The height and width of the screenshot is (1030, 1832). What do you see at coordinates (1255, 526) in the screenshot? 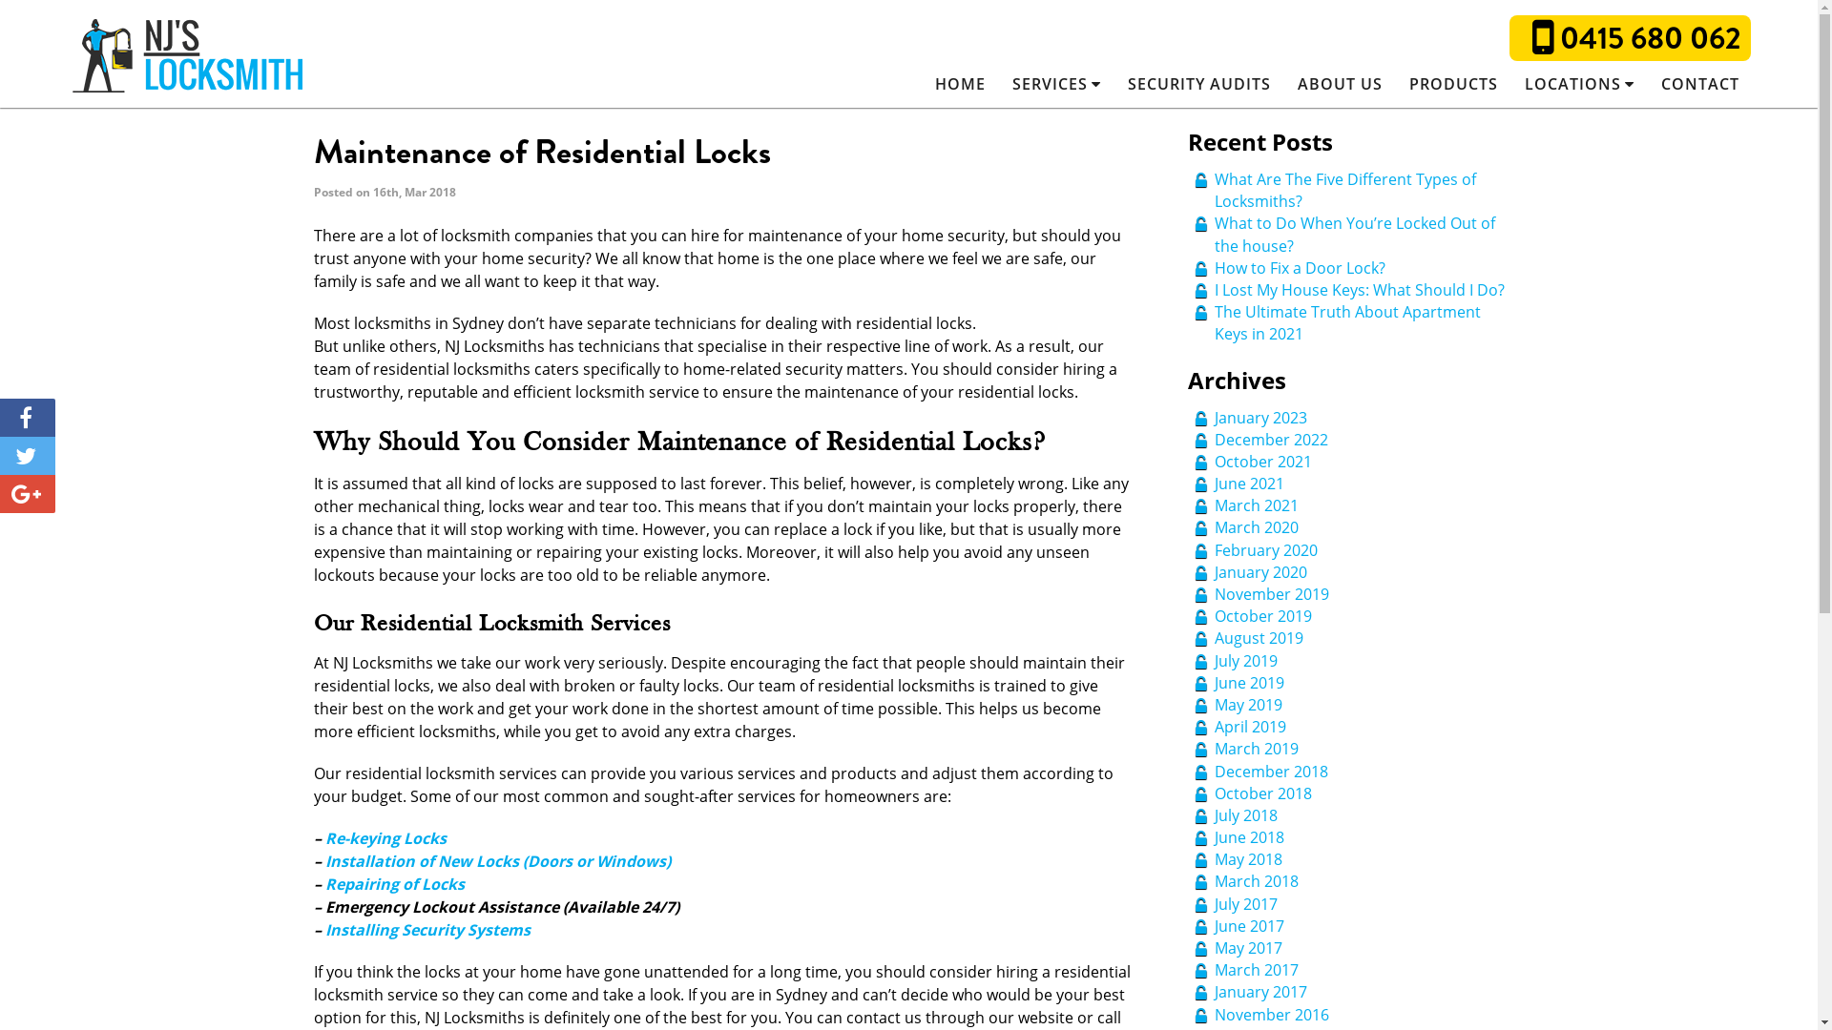
I see `'March 2020'` at bounding box center [1255, 526].